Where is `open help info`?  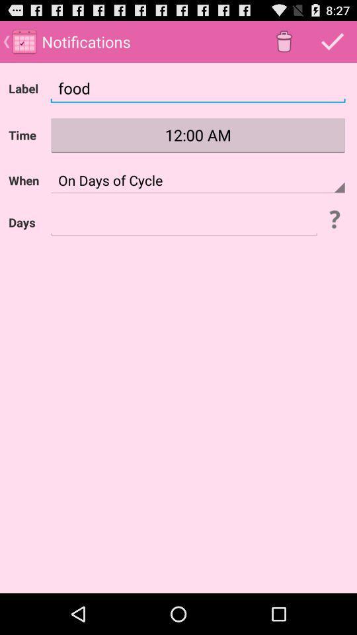 open help info is located at coordinates (333, 219).